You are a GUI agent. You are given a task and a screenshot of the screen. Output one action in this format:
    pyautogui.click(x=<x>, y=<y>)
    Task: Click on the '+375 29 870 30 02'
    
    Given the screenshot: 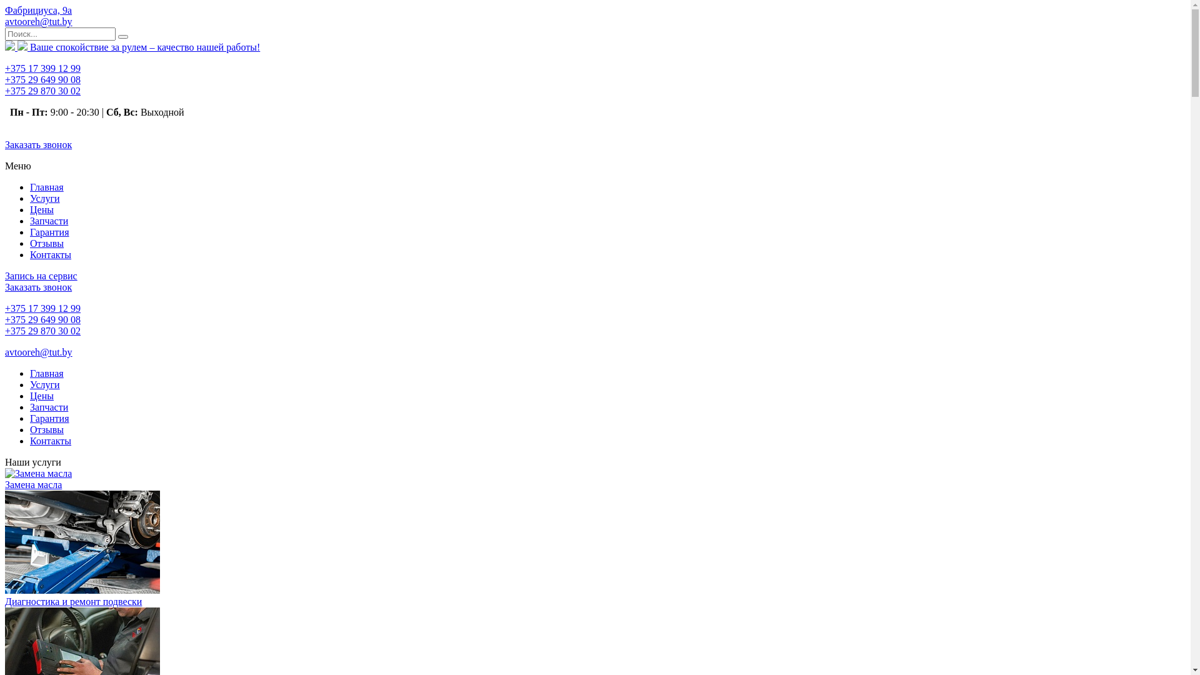 What is the action you would take?
    pyautogui.click(x=42, y=90)
    